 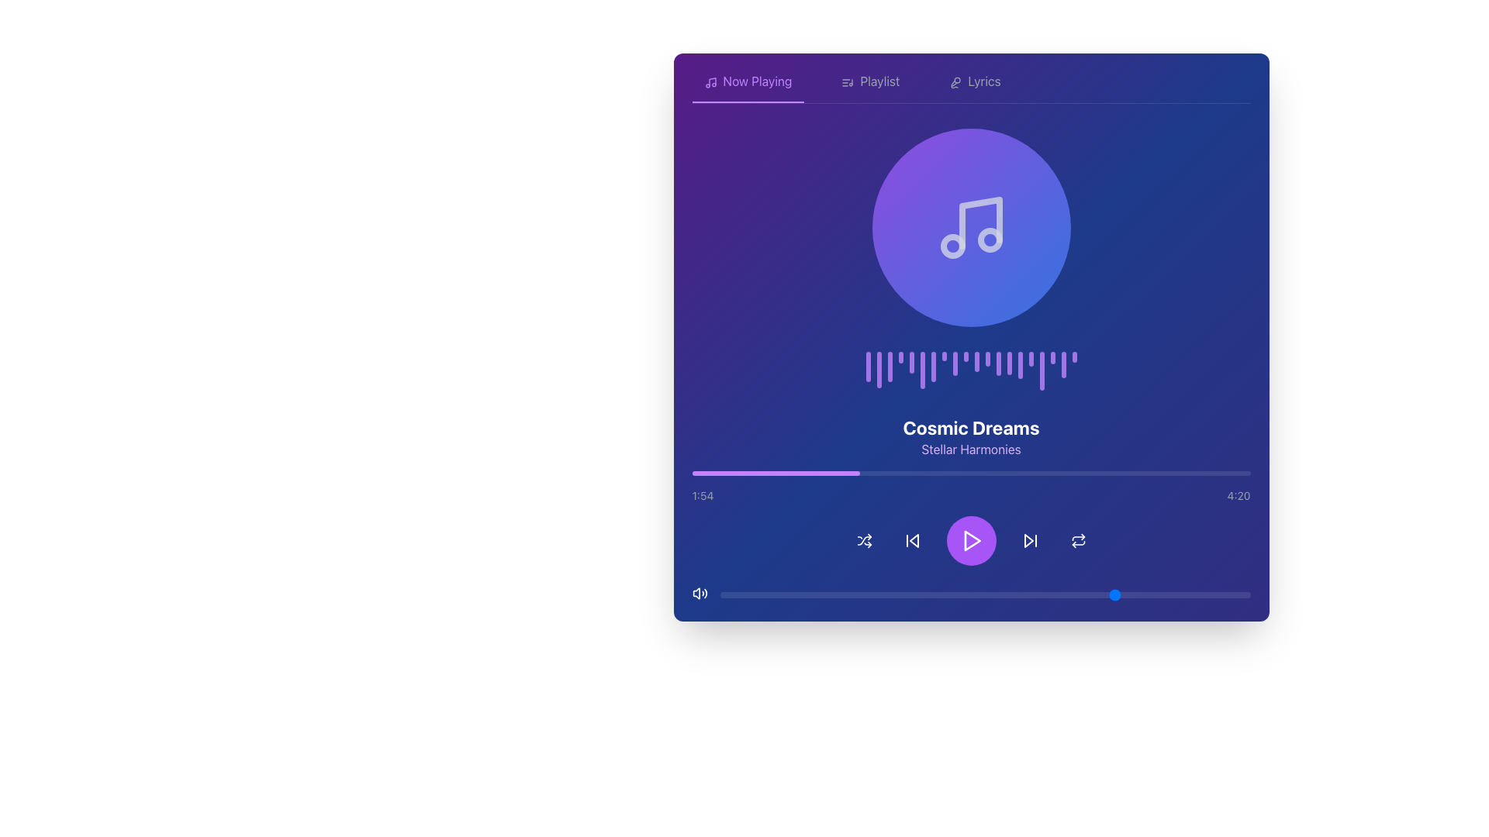 What do you see at coordinates (970, 472) in the screenshot?
I see `the progress bar located below the song title 'Cosmic Dreams' and above the time indicators '1:54' and '4:20'` at bounding box center [970, 472].